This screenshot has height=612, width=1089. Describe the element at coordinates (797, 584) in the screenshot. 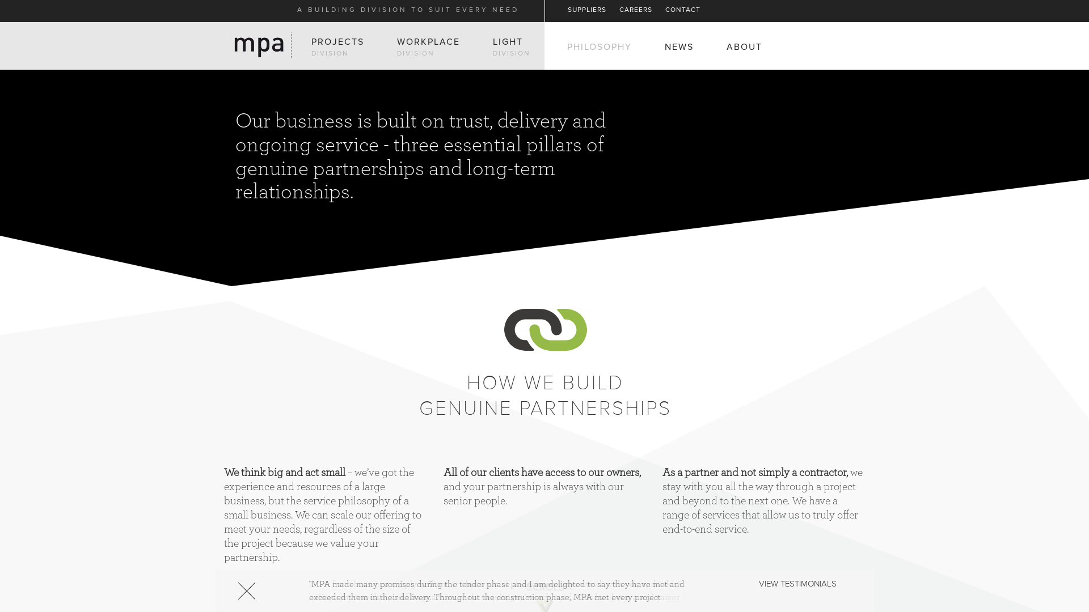

I see `'VIEW TESTIMONIALS'` at that location.